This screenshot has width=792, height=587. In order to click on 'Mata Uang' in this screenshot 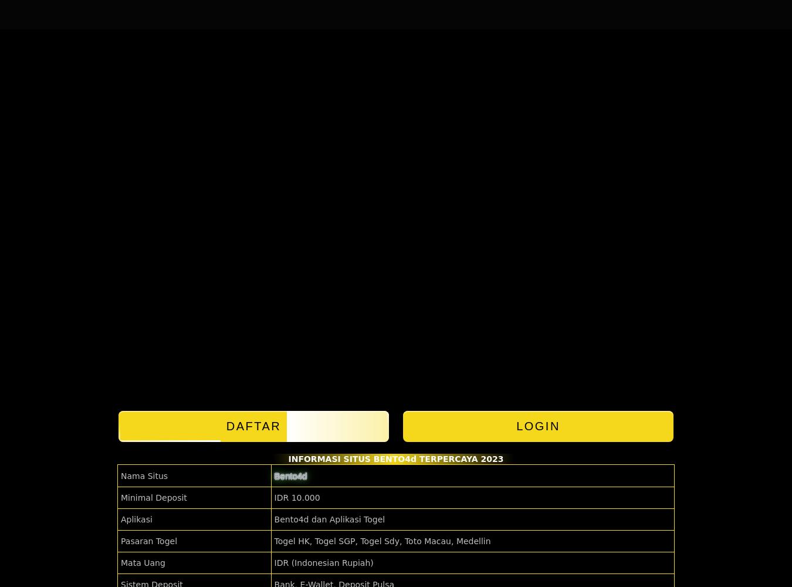, I will do `click(142, 562)`.